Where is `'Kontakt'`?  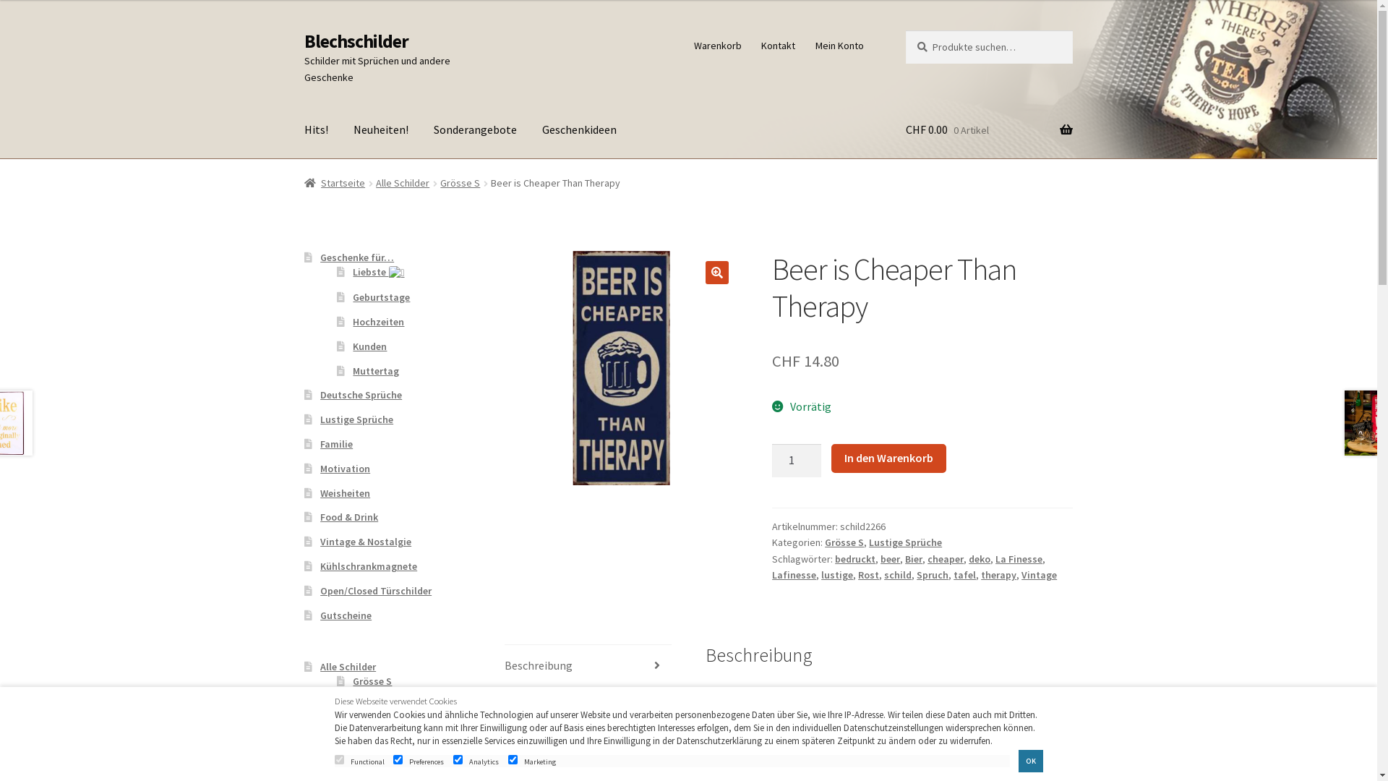 'Kontakt' is located at coordinates (777, 44).